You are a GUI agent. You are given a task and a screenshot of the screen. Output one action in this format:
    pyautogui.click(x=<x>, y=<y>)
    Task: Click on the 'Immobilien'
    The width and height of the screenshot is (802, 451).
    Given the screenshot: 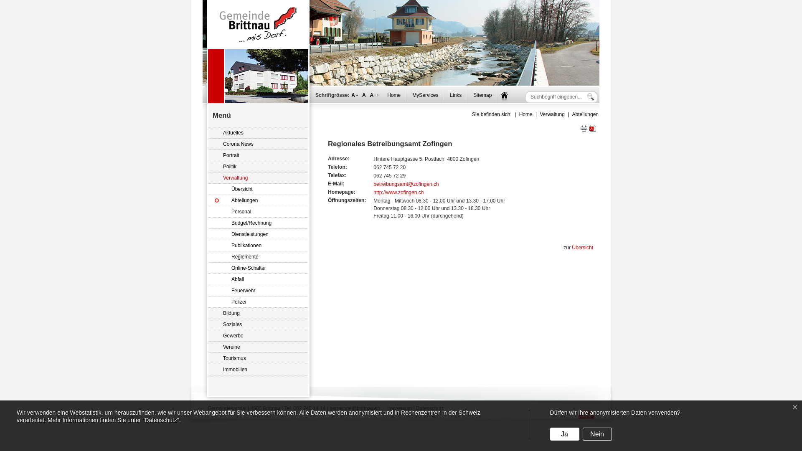 What is the action you would take?
    pyautogui.click(x=208, y=369)
    